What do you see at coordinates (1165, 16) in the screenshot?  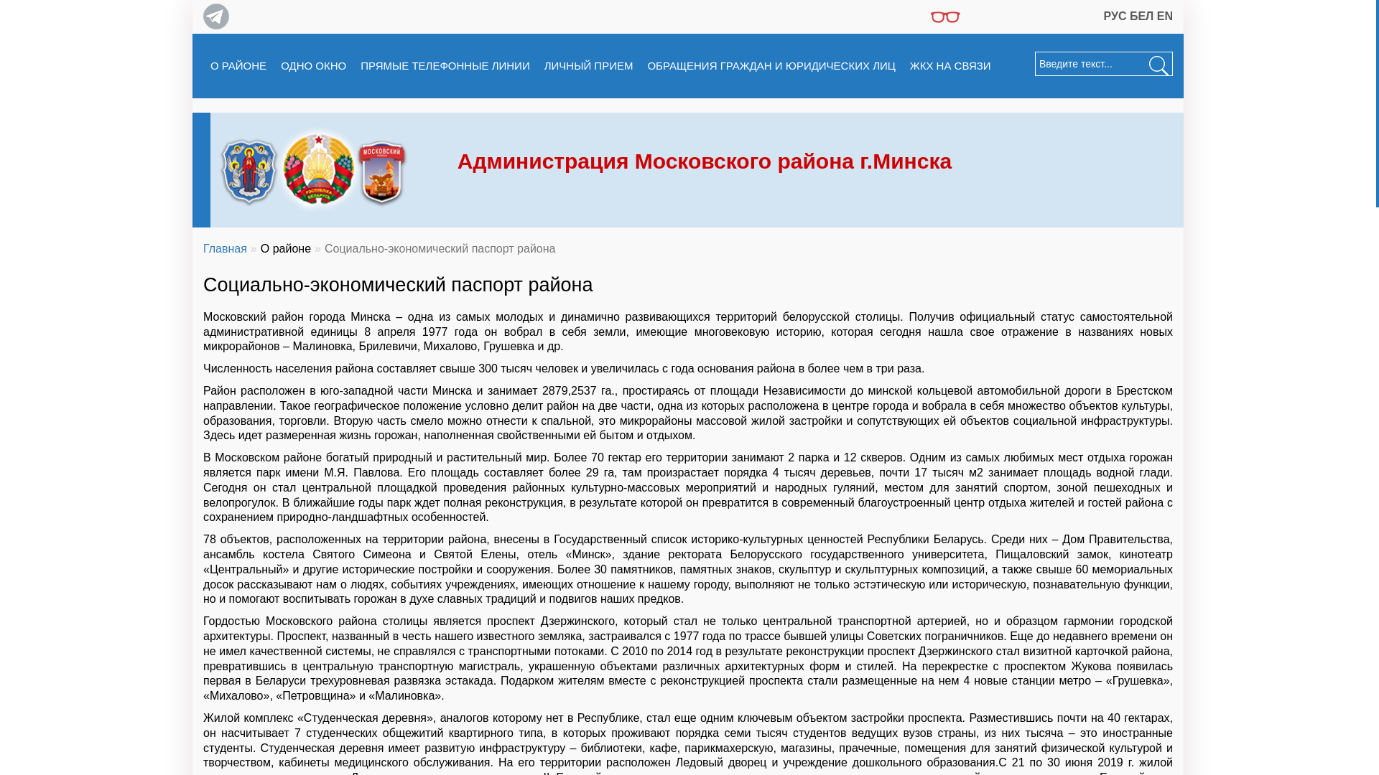 I see `'EN'` at bounding box center [1165, 16].